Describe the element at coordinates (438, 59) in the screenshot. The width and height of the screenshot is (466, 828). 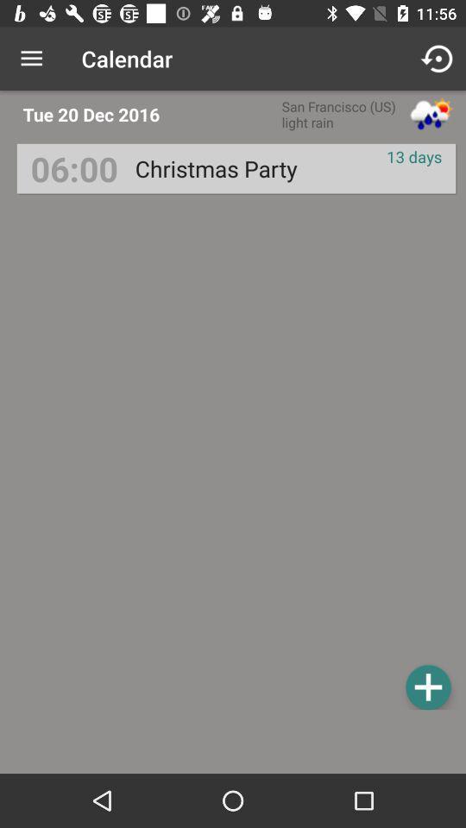
I see `icon next to the calendar item` at that location.